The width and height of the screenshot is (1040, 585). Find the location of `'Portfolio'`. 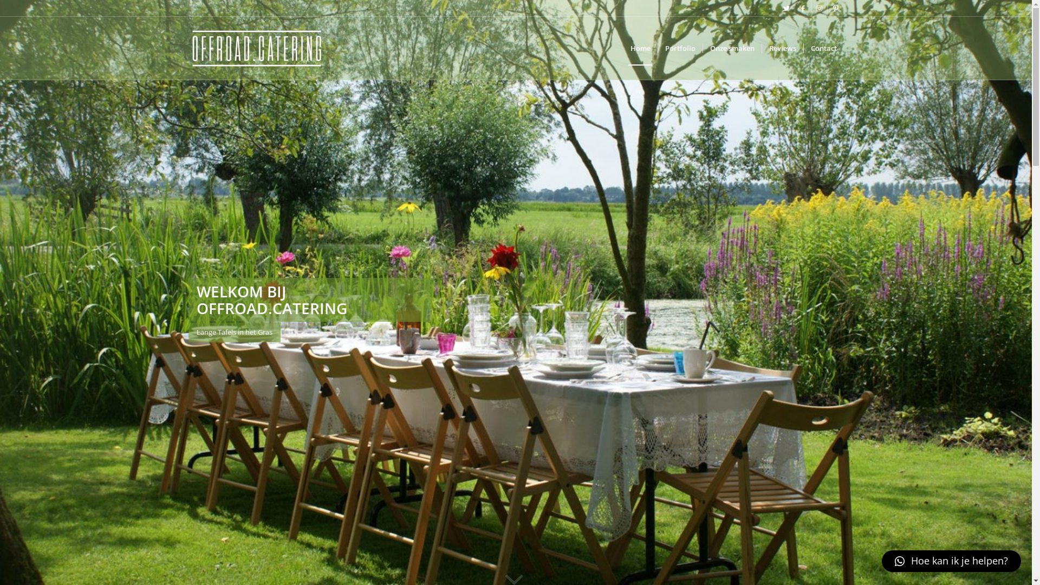

'Portfolio' is located at coordinates (679, 47).